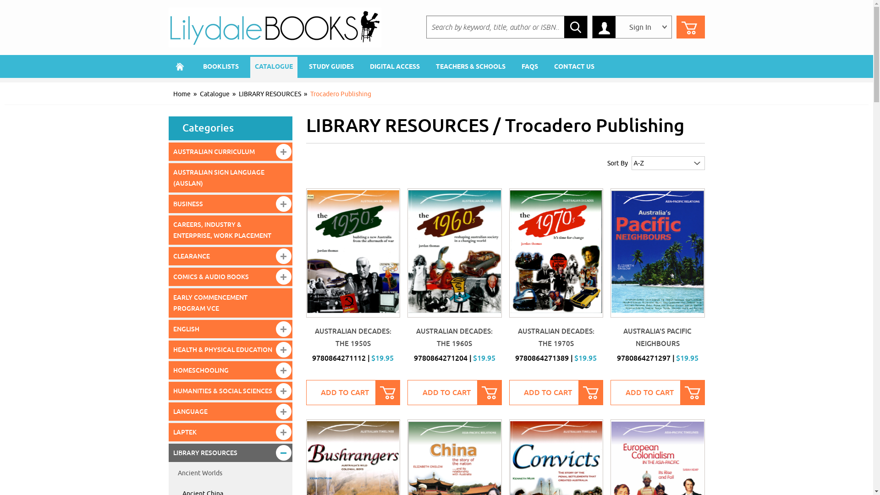 This screenshot has width=880, height=495. I want to click on 'AUSTRALIAN DECADES: THE 1950S', so click(352, 337).